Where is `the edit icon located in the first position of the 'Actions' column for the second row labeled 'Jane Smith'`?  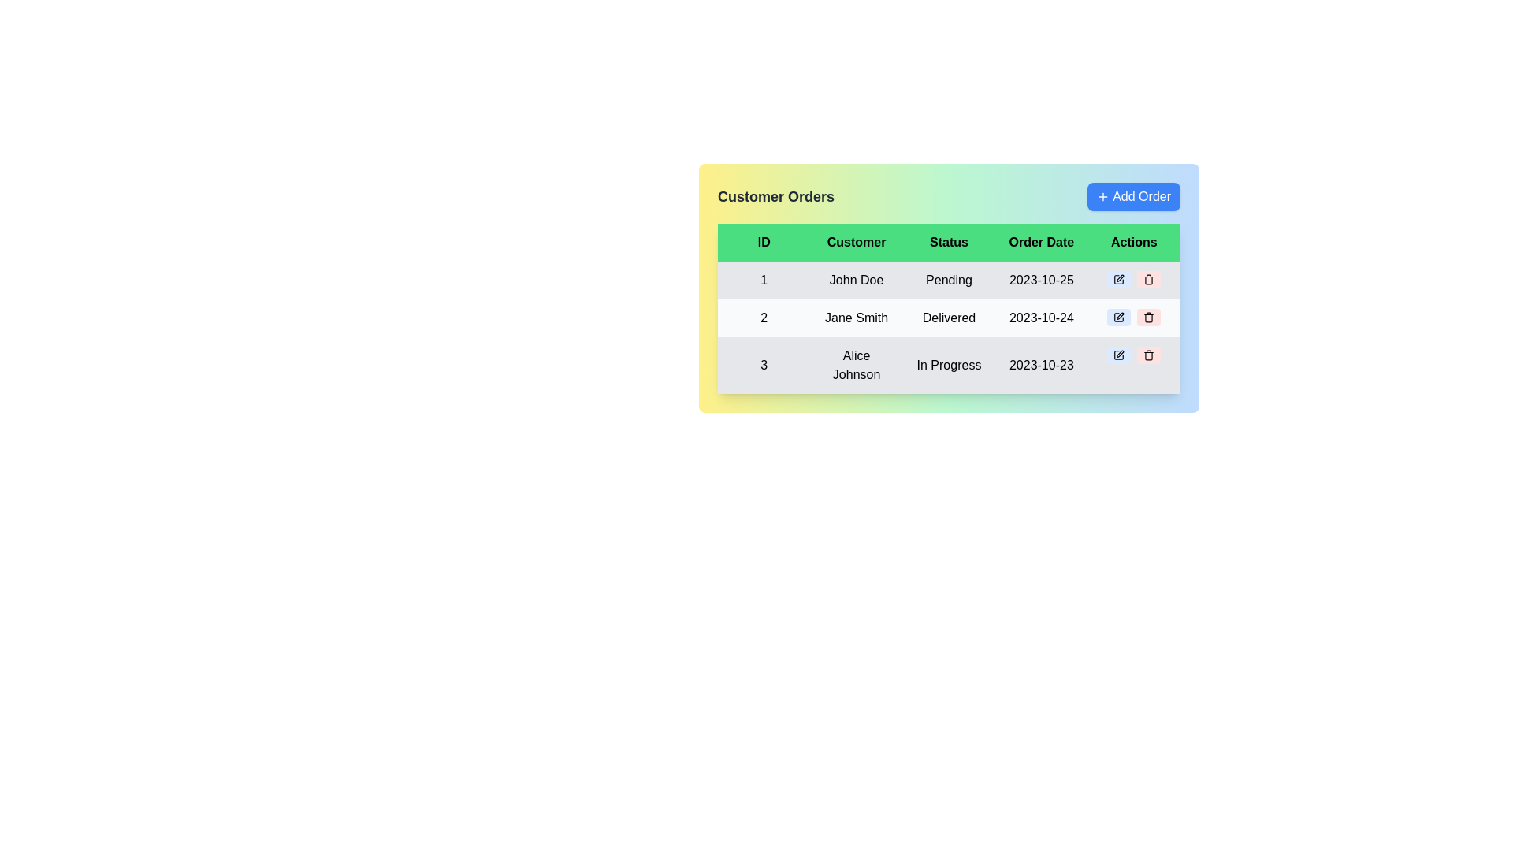
the edit icon located in the first position of the 'Actions' column for the second row labeled 'Jane Smith' is located at coordinates (1118, 317).